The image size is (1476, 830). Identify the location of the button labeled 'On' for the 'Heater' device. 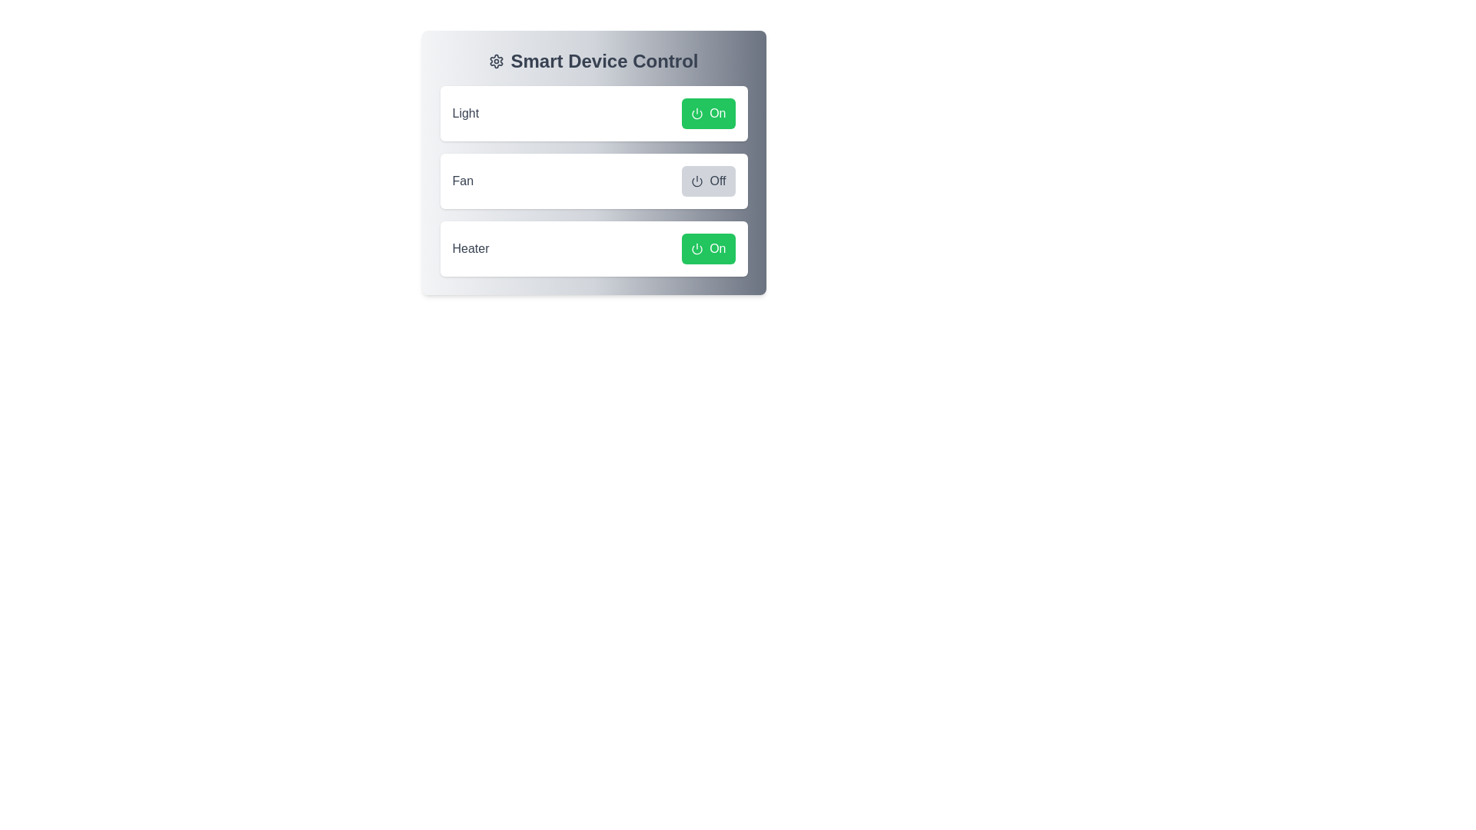
(707, 248).